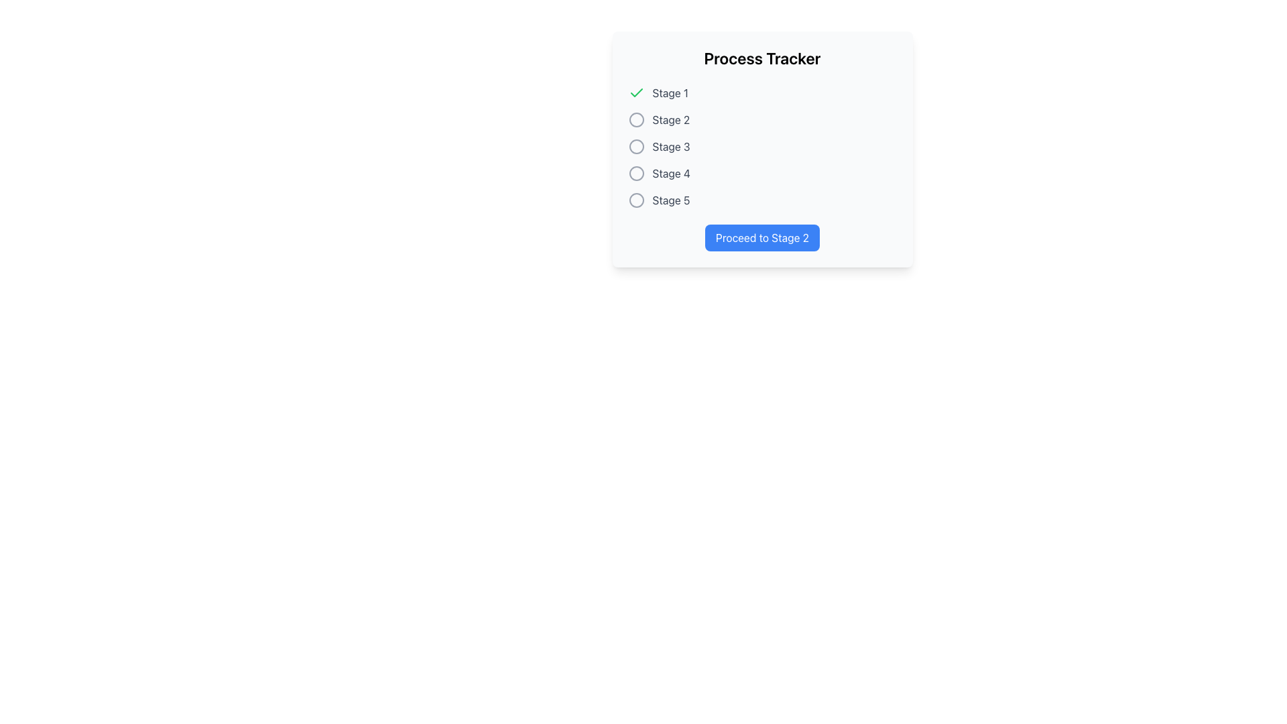 This screenshot has width=1287, height=724. Describe the element at coordinates (635, 147) in the screenshot. I see `the third radio button in the inactive state of the process tracker interface, which is a circular shape and part of a vertical stack of five elements` at that location.